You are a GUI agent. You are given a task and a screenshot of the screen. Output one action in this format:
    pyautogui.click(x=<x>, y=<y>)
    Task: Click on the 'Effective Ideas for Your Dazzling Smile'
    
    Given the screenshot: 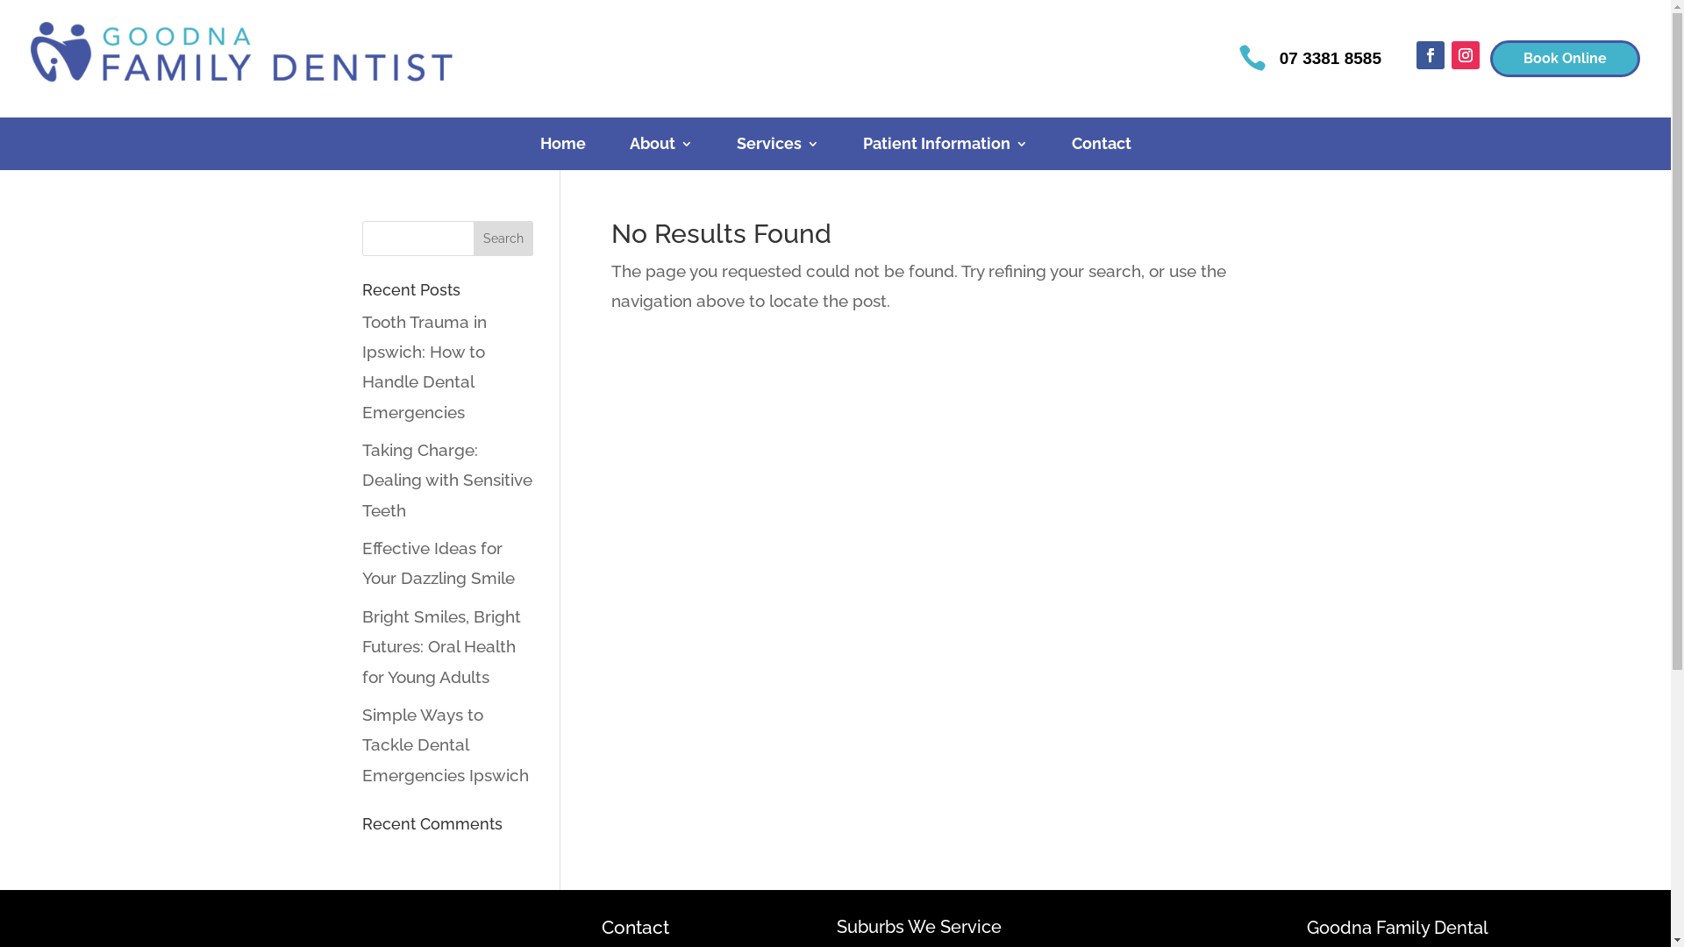 What is the action you would take?
    pyautogui.click(x=438, y=562)
    